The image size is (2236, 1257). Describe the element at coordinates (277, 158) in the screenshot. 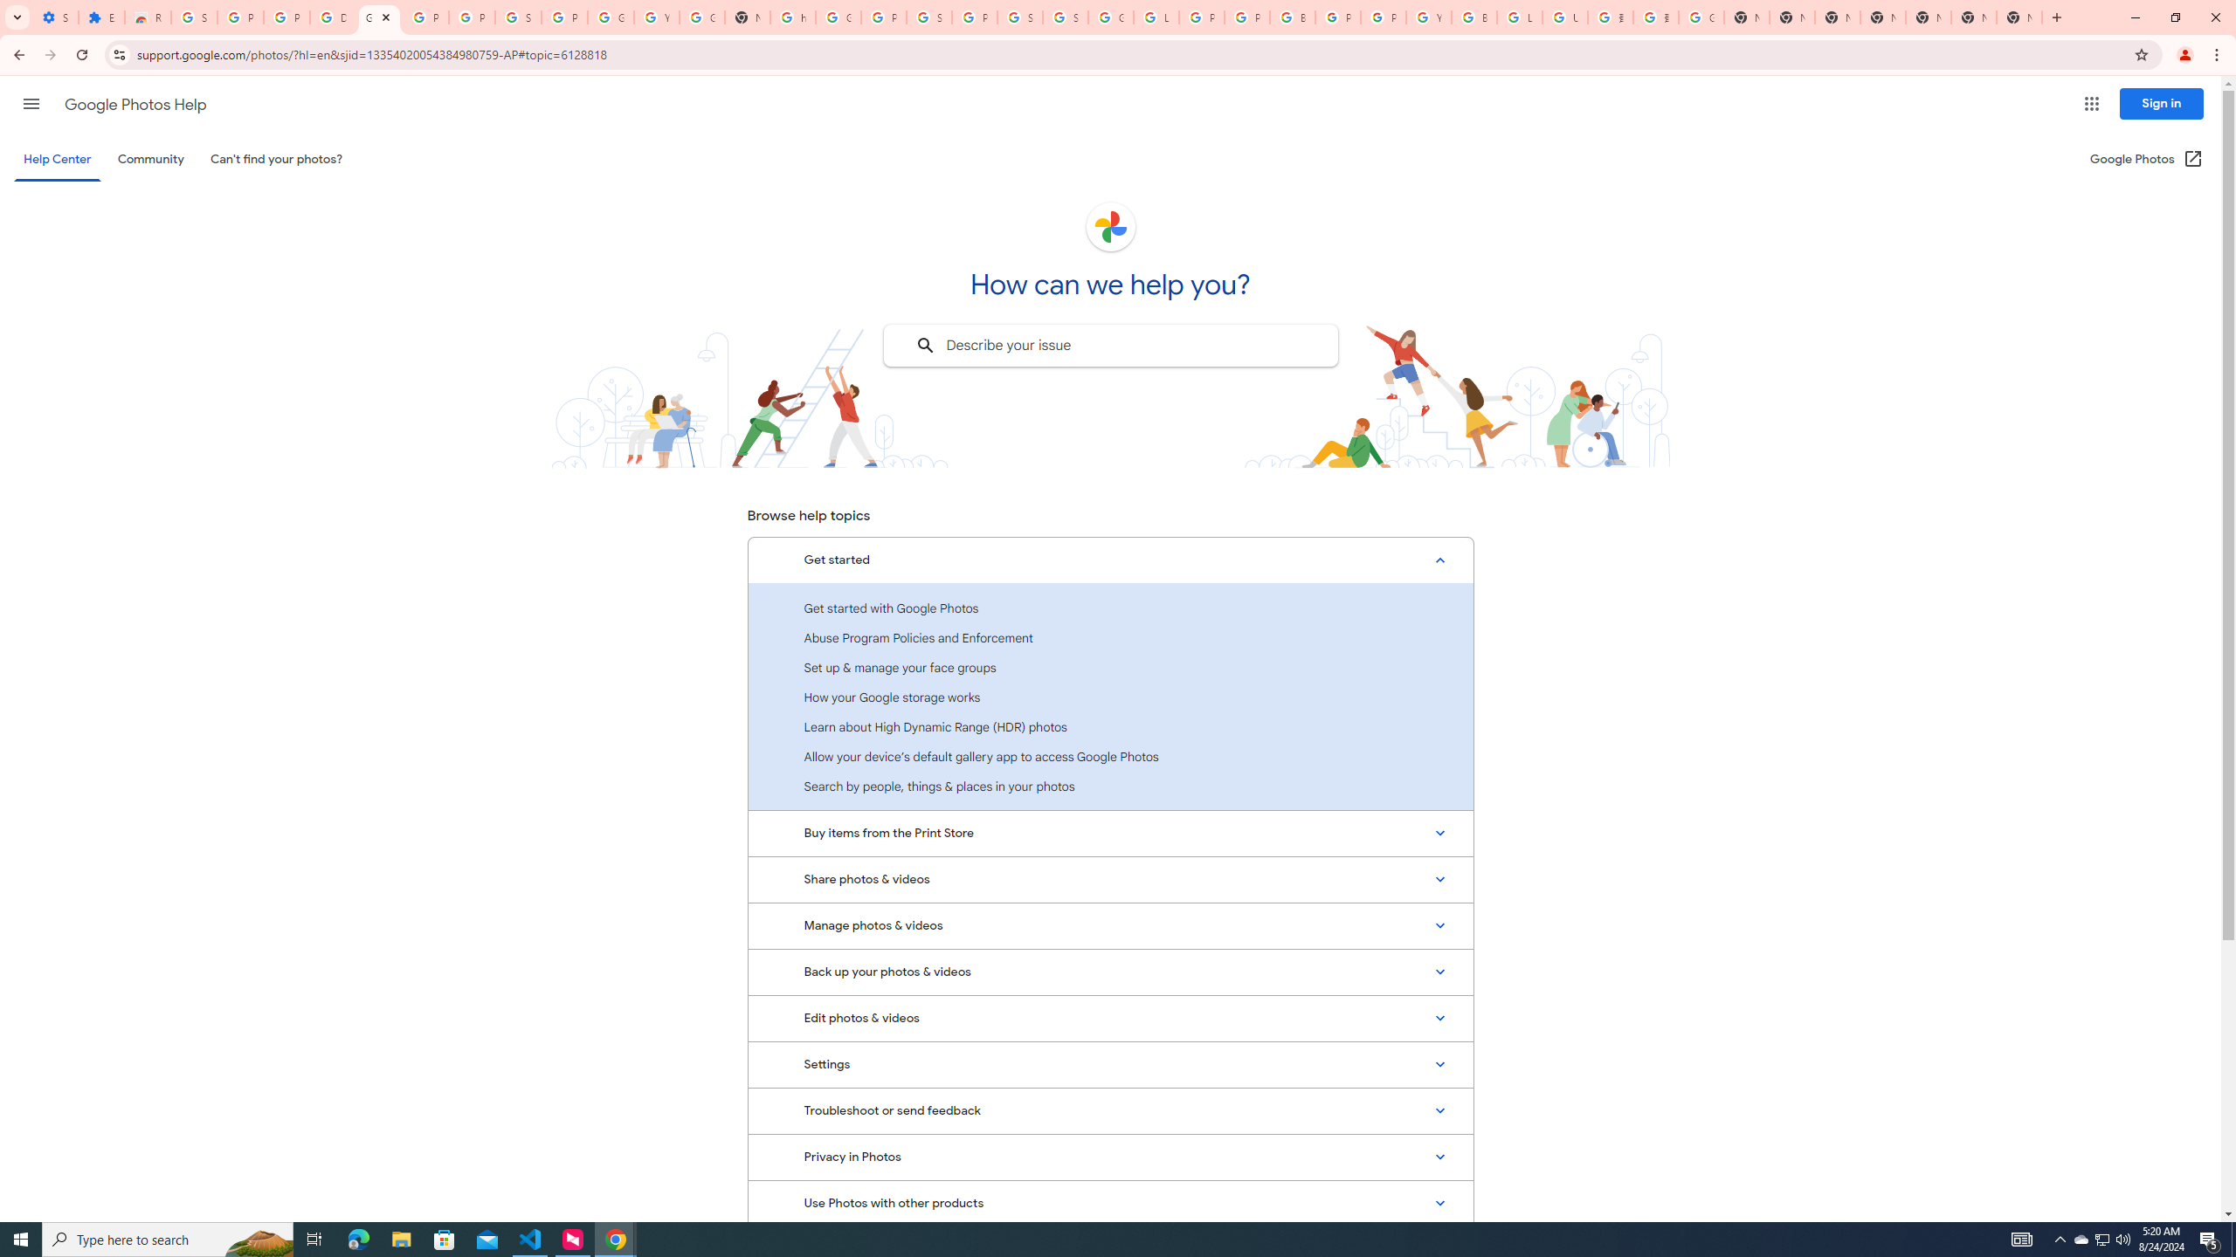

I see `'Can'` at that location.